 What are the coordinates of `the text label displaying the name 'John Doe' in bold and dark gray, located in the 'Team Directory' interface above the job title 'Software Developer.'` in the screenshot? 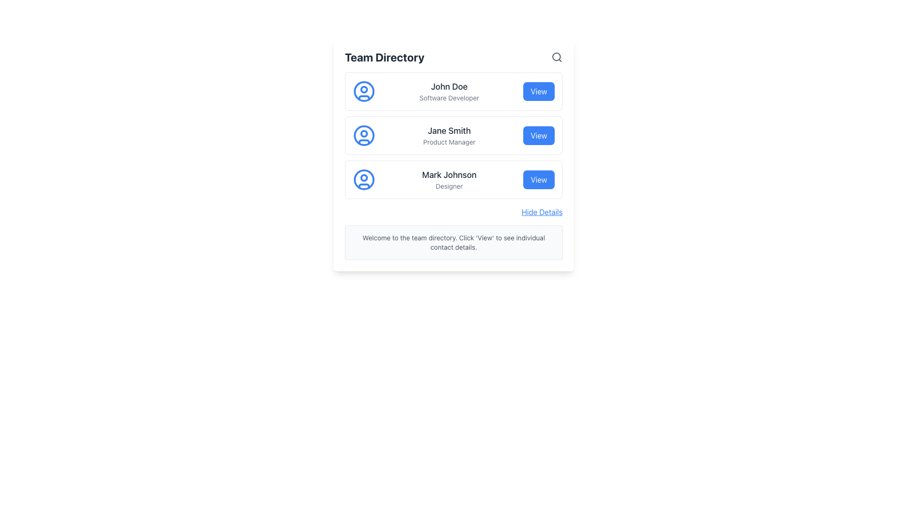 It's located at (449, 87).